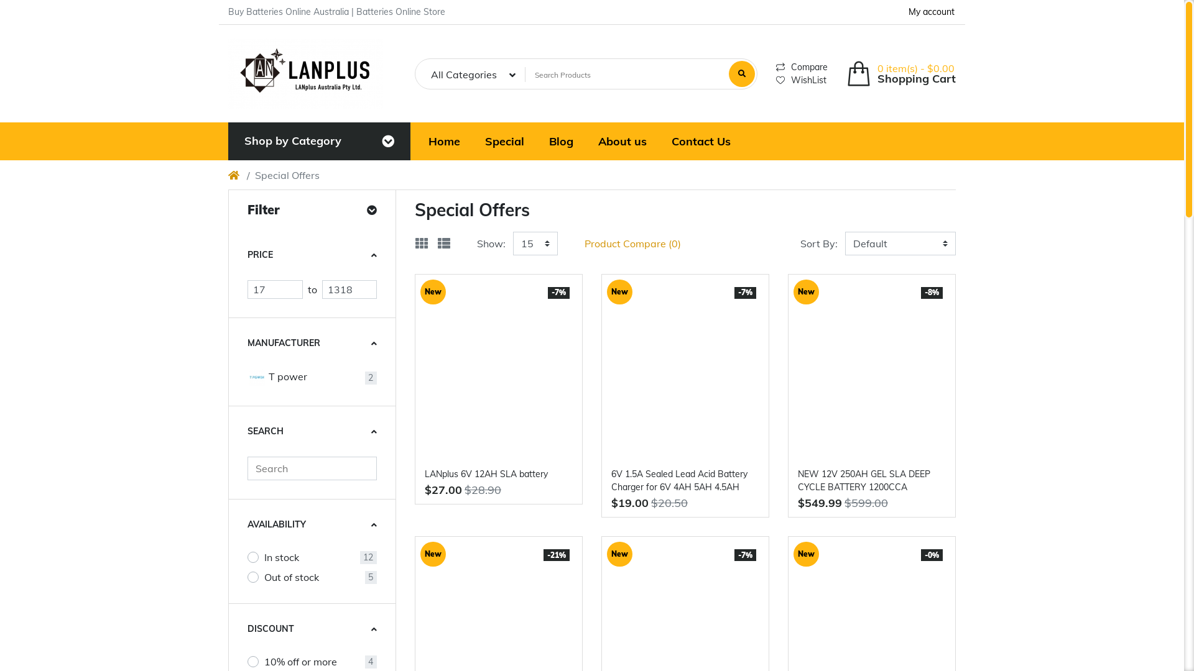  What do you see at coordinates (539, 262) in the screenshot?
I see `'Compare this Product'` at bounding box center [539, 262].